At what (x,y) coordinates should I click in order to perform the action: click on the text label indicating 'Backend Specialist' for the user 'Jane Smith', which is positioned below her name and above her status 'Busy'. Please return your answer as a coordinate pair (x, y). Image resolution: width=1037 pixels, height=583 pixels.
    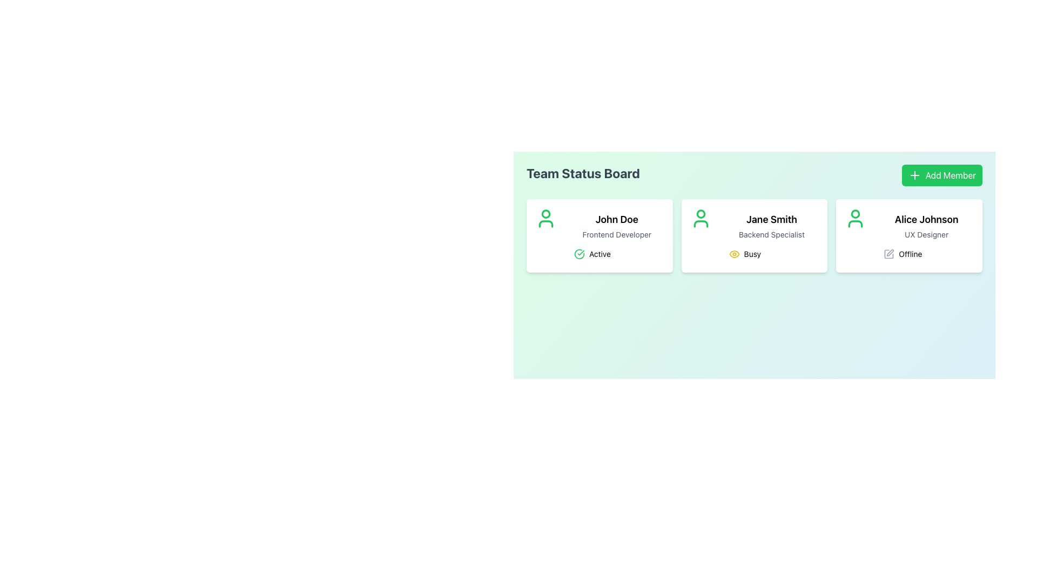
    Looking at the image, I should click on (771, 234).